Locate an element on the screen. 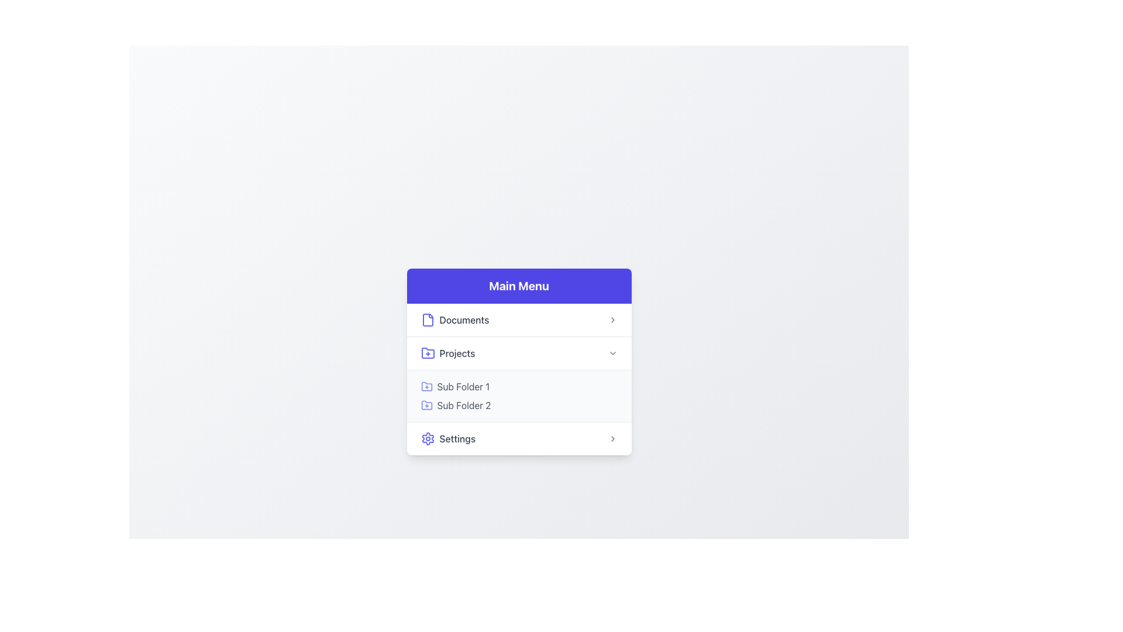 The width and height of the screenshot is (1123, 632). the right chevron icon, which is styled in a thin, dark gray stroke and located to the far right of the 'Documents' label in the main menu is located at coordinates (612, 320).